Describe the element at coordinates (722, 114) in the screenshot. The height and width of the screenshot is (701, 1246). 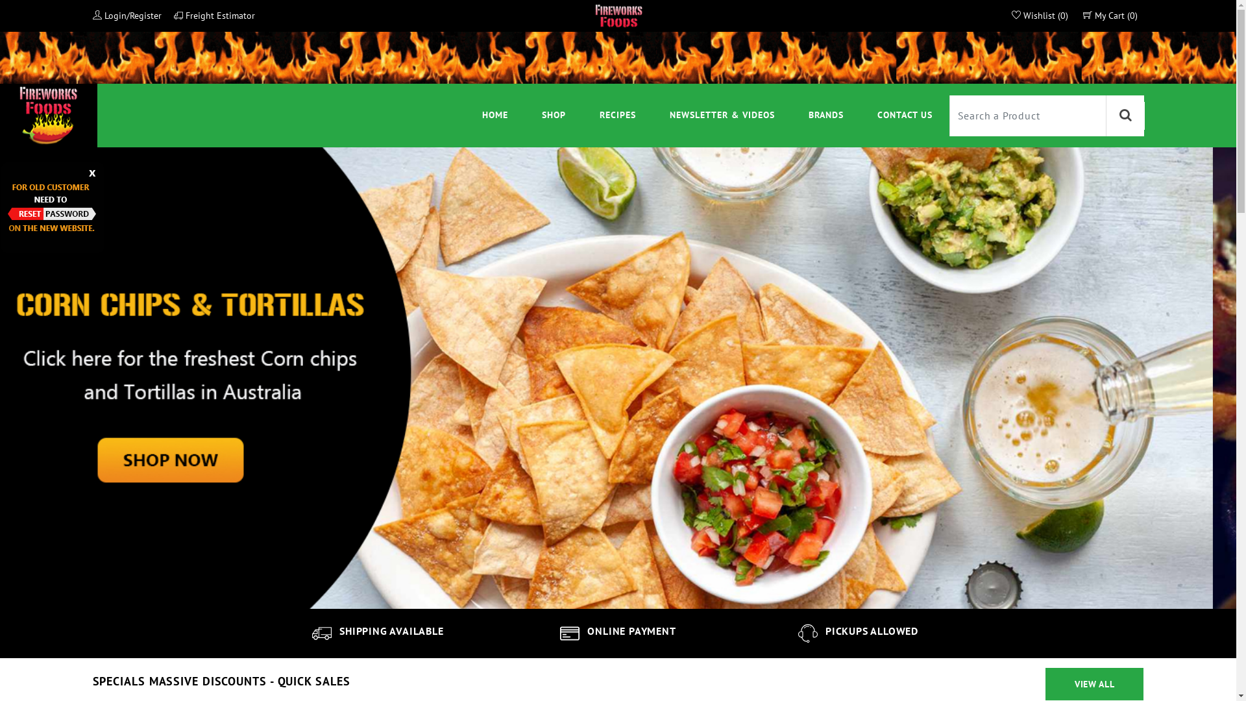
I see `'NEWSLETTER & VIDEOS'` at that location.